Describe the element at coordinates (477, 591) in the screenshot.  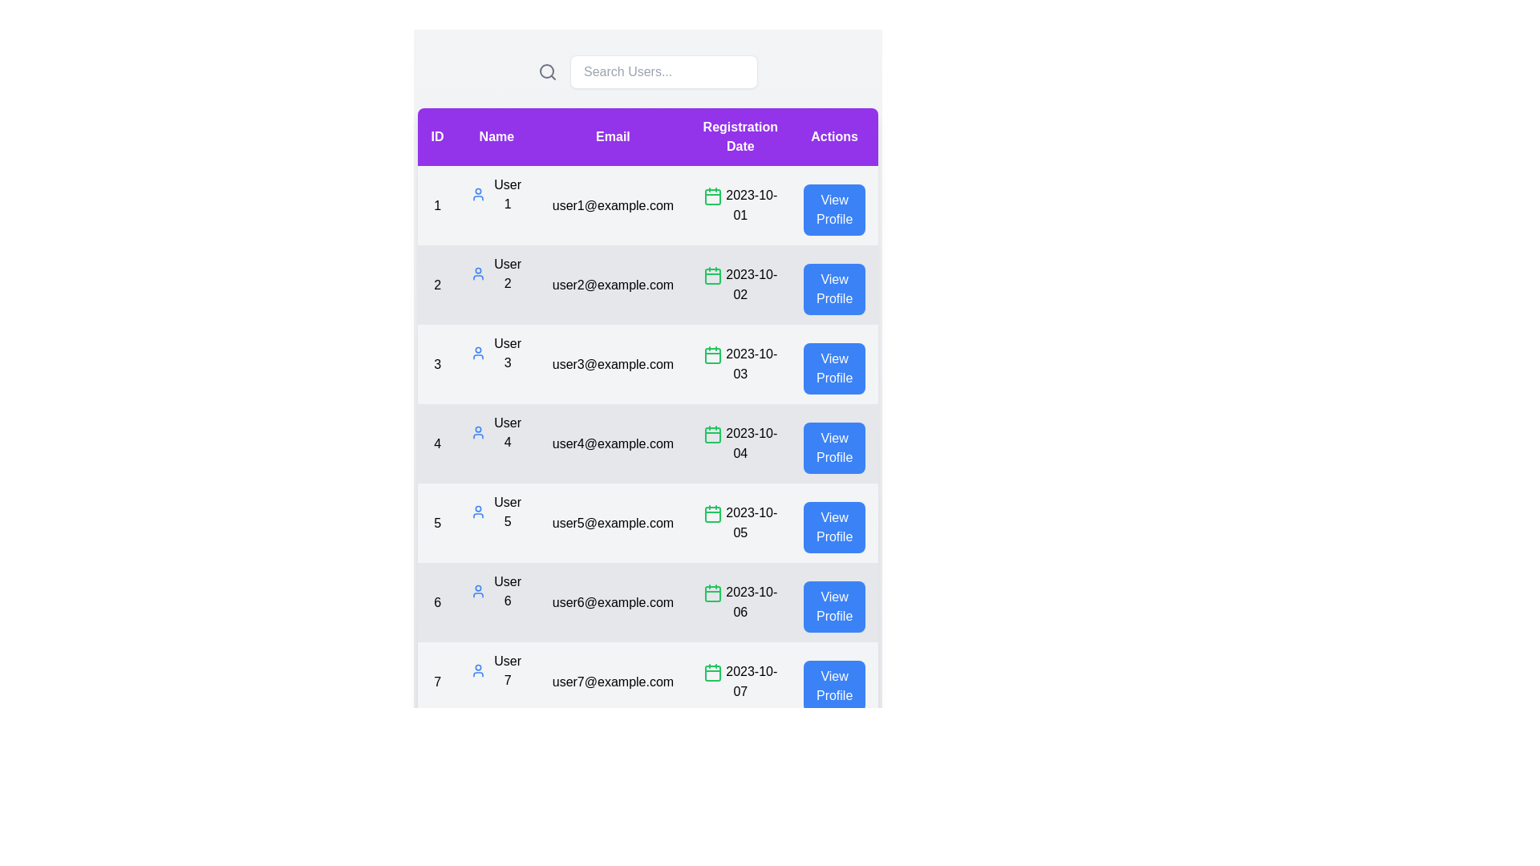
I see `the user profile icon for user 6` at that location.